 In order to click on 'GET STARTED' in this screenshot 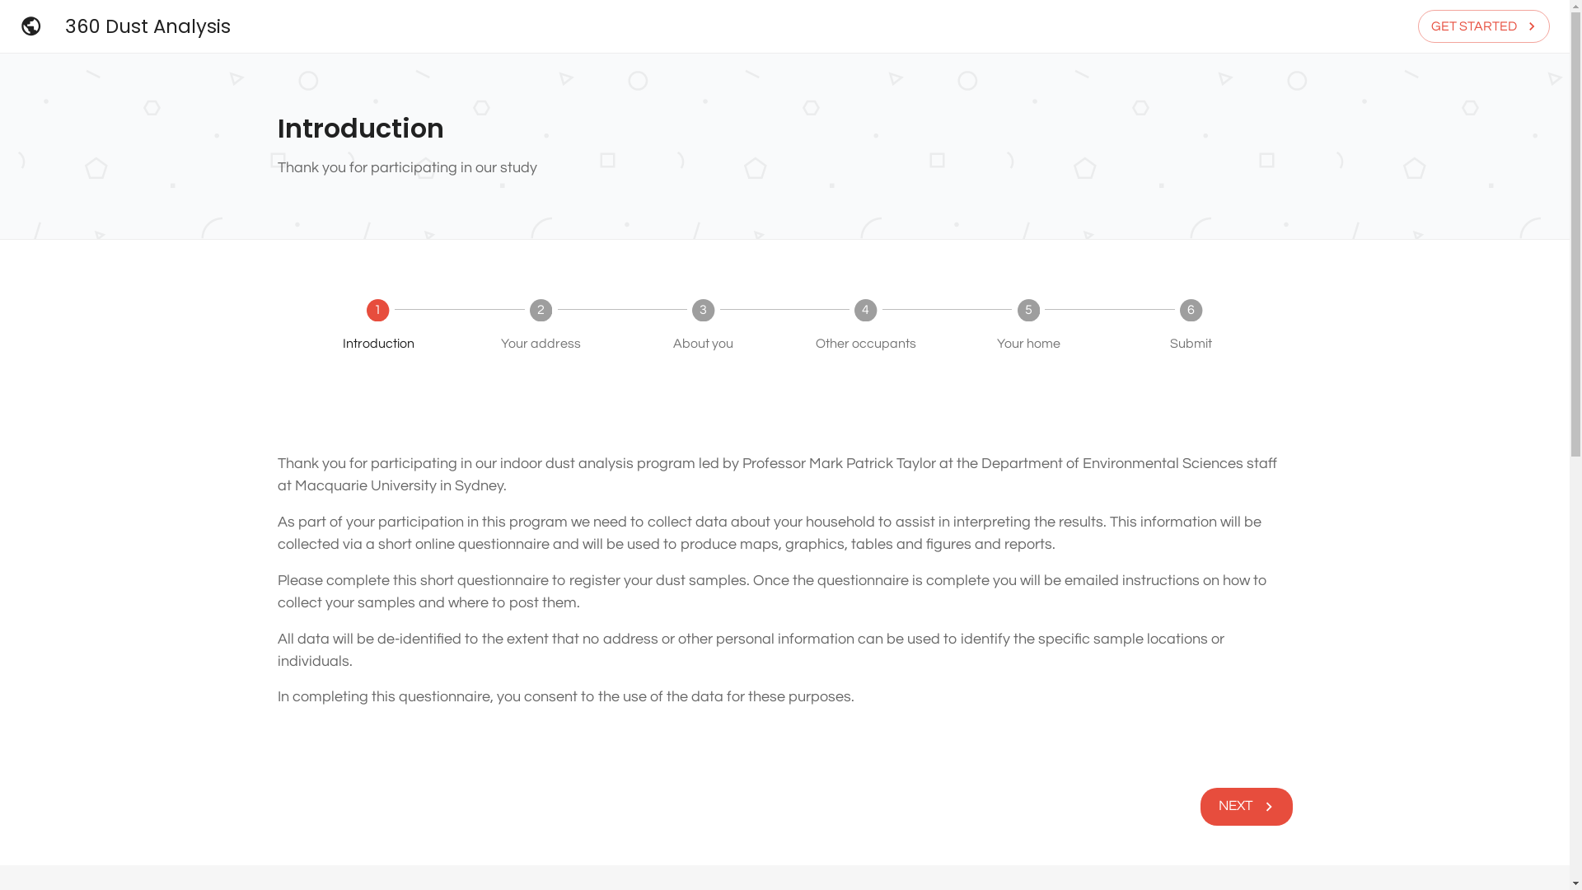, I will do `click(1483, 26)`.